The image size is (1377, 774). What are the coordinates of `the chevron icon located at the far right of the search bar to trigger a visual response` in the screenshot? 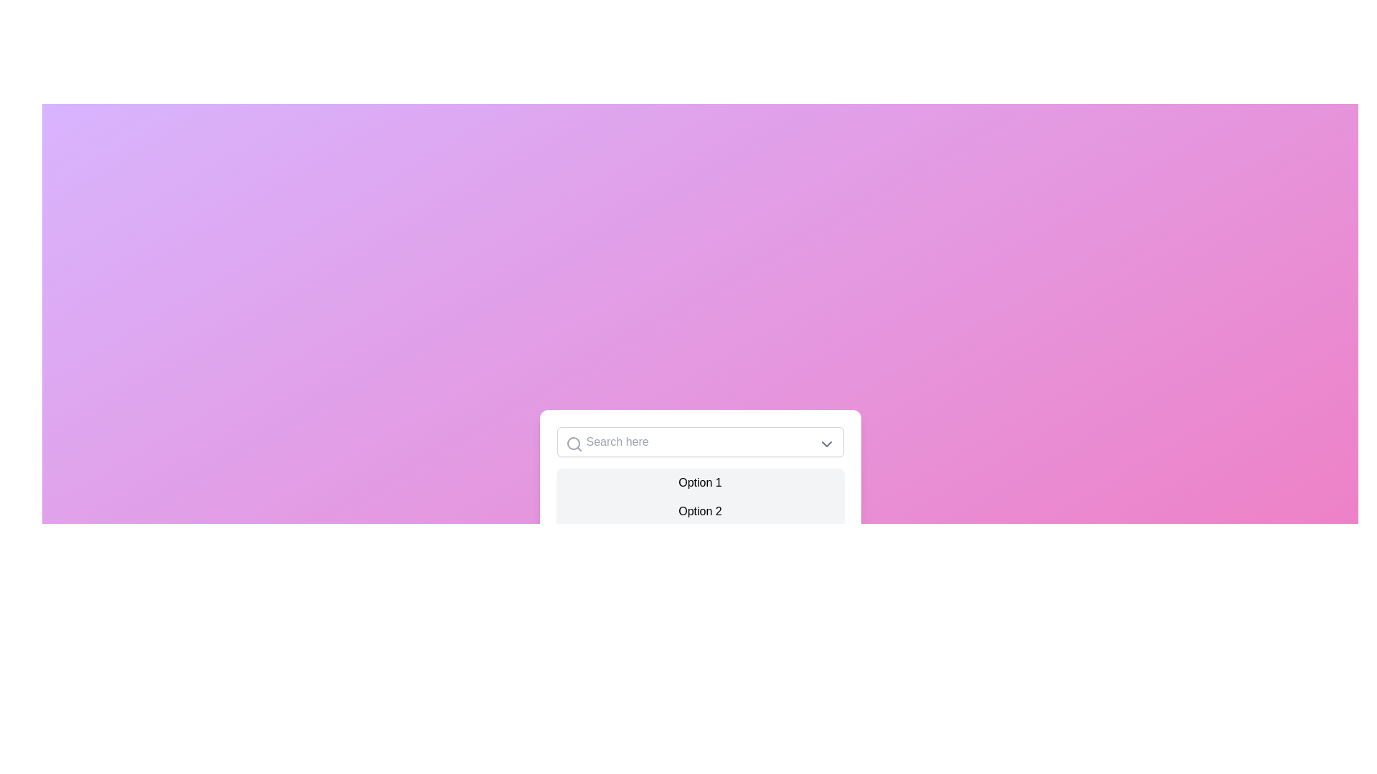 It's located at (826, 444).